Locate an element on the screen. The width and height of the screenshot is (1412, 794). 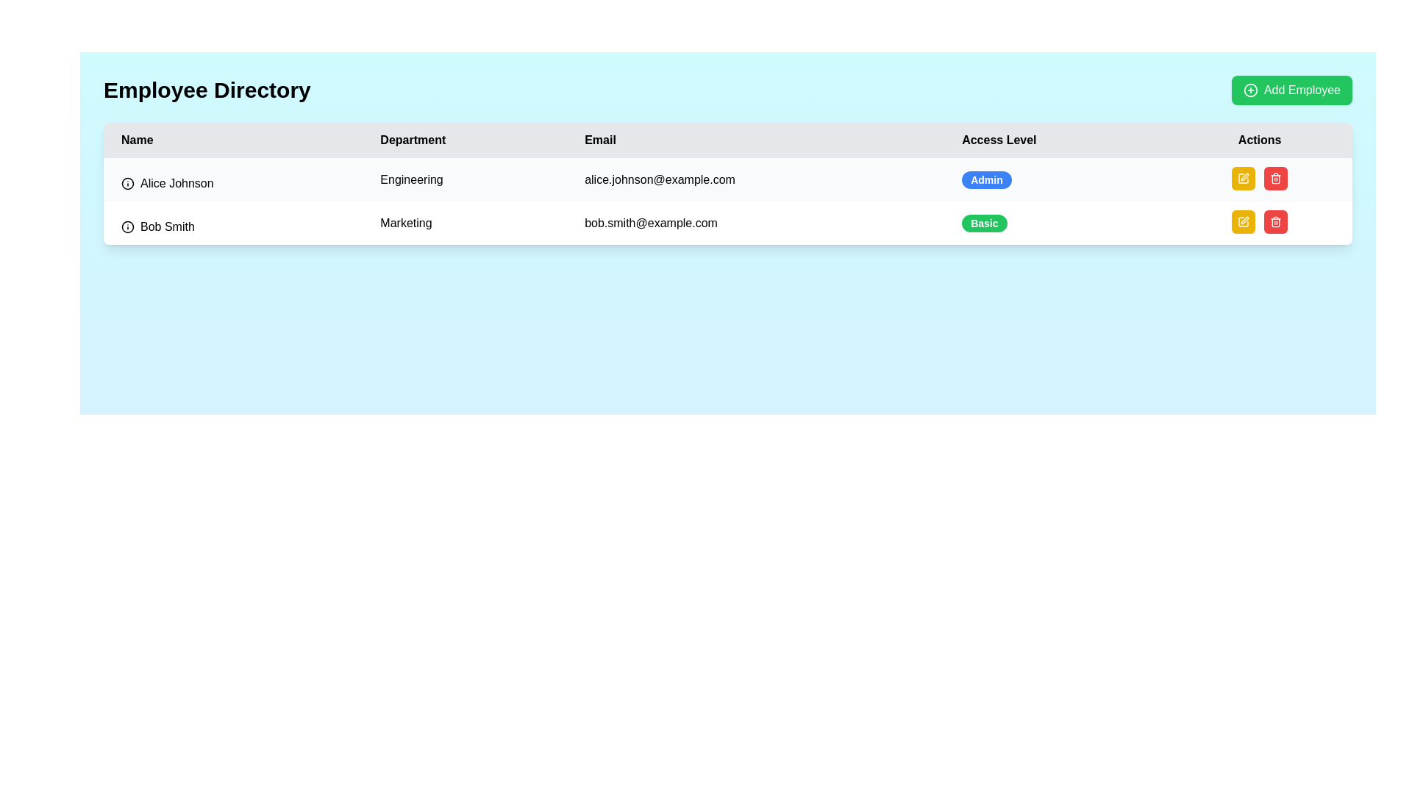
the 'Add Employee' button located at the top-right corner adjacent to the 'Employee Directory' label is located at coordinates (1291, 90).